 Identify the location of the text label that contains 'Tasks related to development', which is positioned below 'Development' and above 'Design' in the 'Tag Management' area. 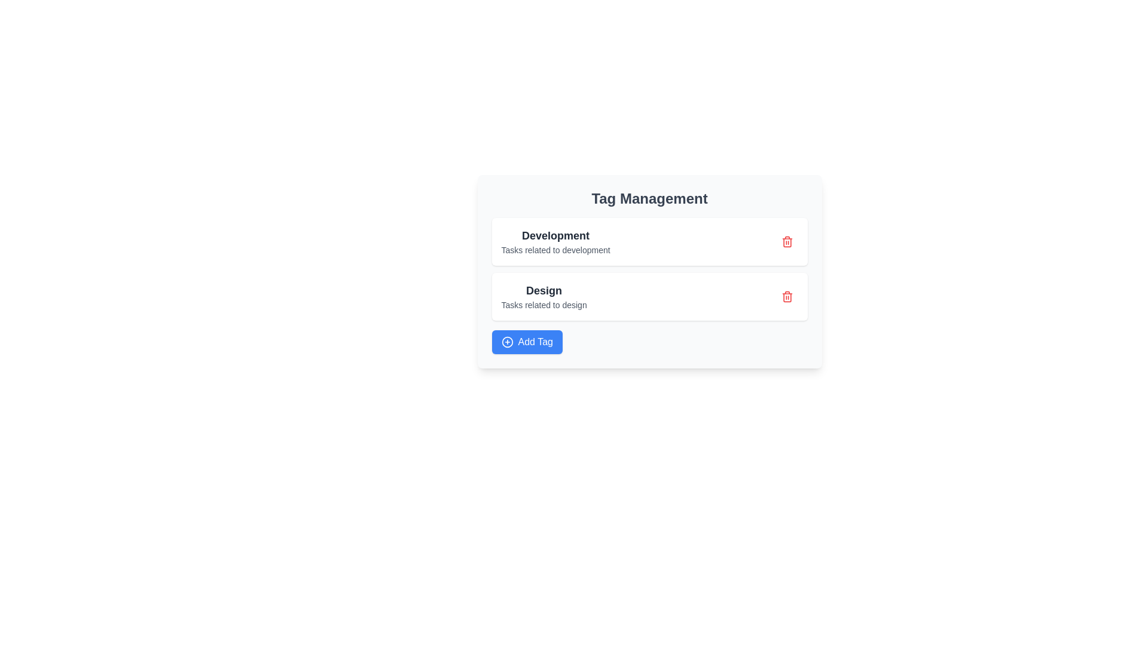
(555, 250).